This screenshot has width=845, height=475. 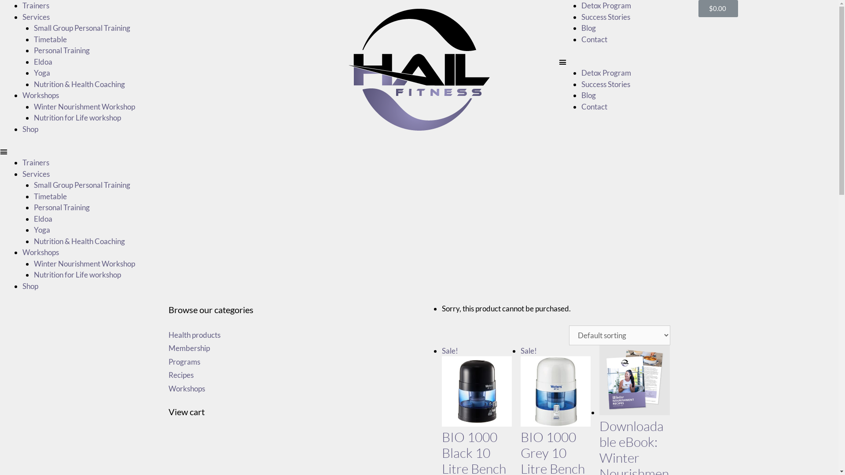 I want to click on 'Winter Nourishment Workshop', so click(x=84, y=263).